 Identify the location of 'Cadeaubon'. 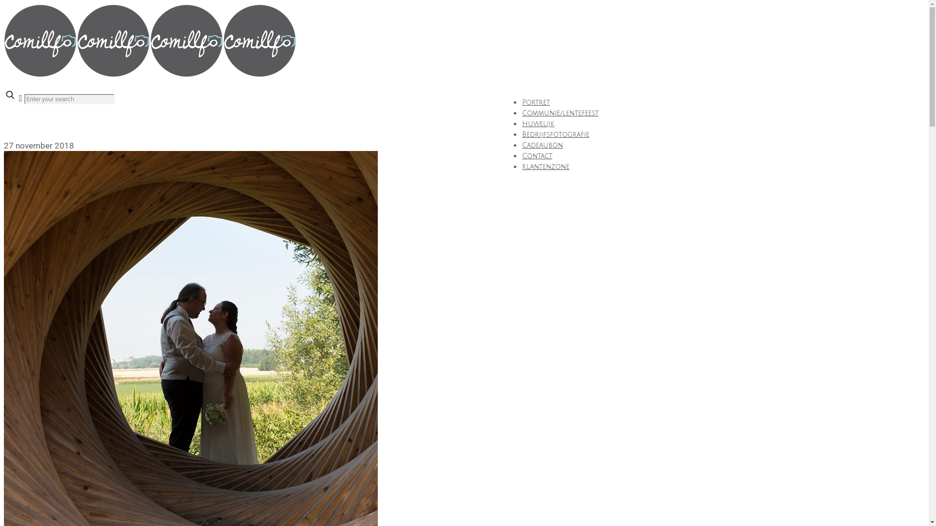
(521, 145).